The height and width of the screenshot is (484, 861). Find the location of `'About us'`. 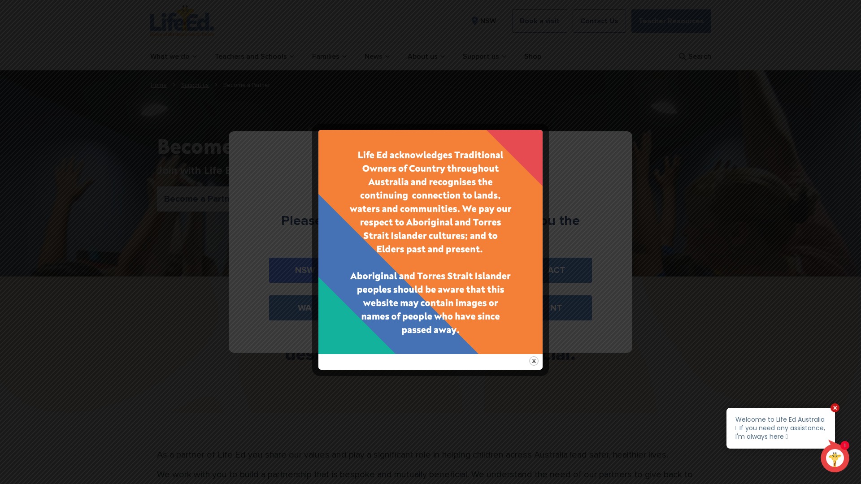

'About us' is located at coordinates (425, 56).